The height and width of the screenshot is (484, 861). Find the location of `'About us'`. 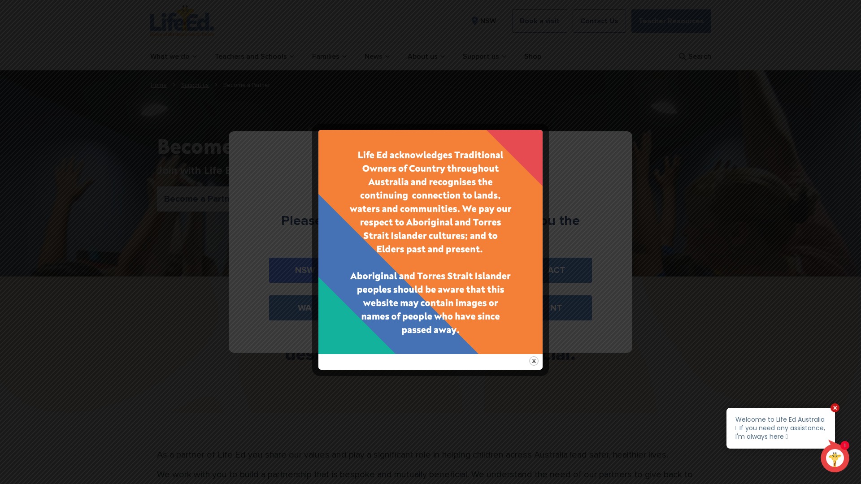

'About us' is located at coordinates (425, 56).